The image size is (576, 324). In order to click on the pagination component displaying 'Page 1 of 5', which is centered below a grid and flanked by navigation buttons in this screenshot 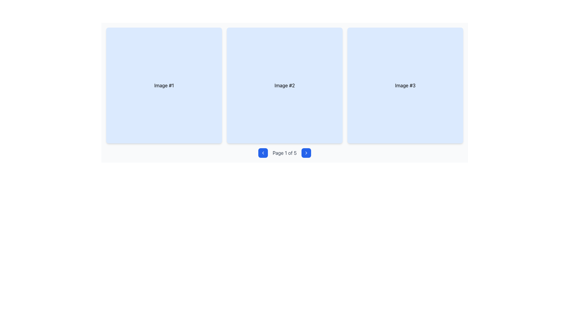, I will do `click(284, 152)`.